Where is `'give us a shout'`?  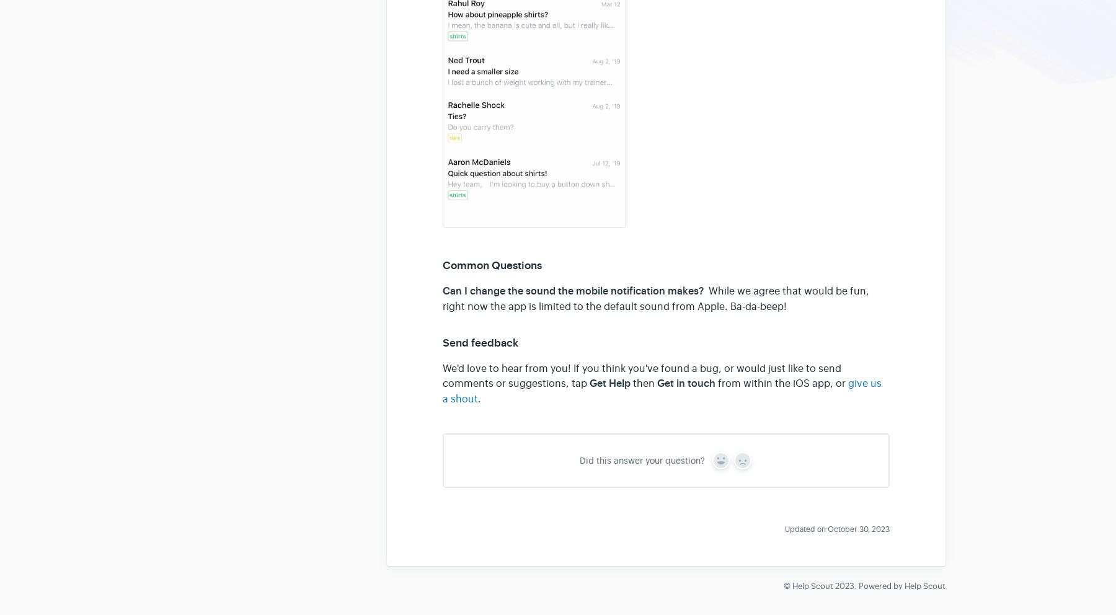
'give us a shout' is located at coordinates (662, 391).